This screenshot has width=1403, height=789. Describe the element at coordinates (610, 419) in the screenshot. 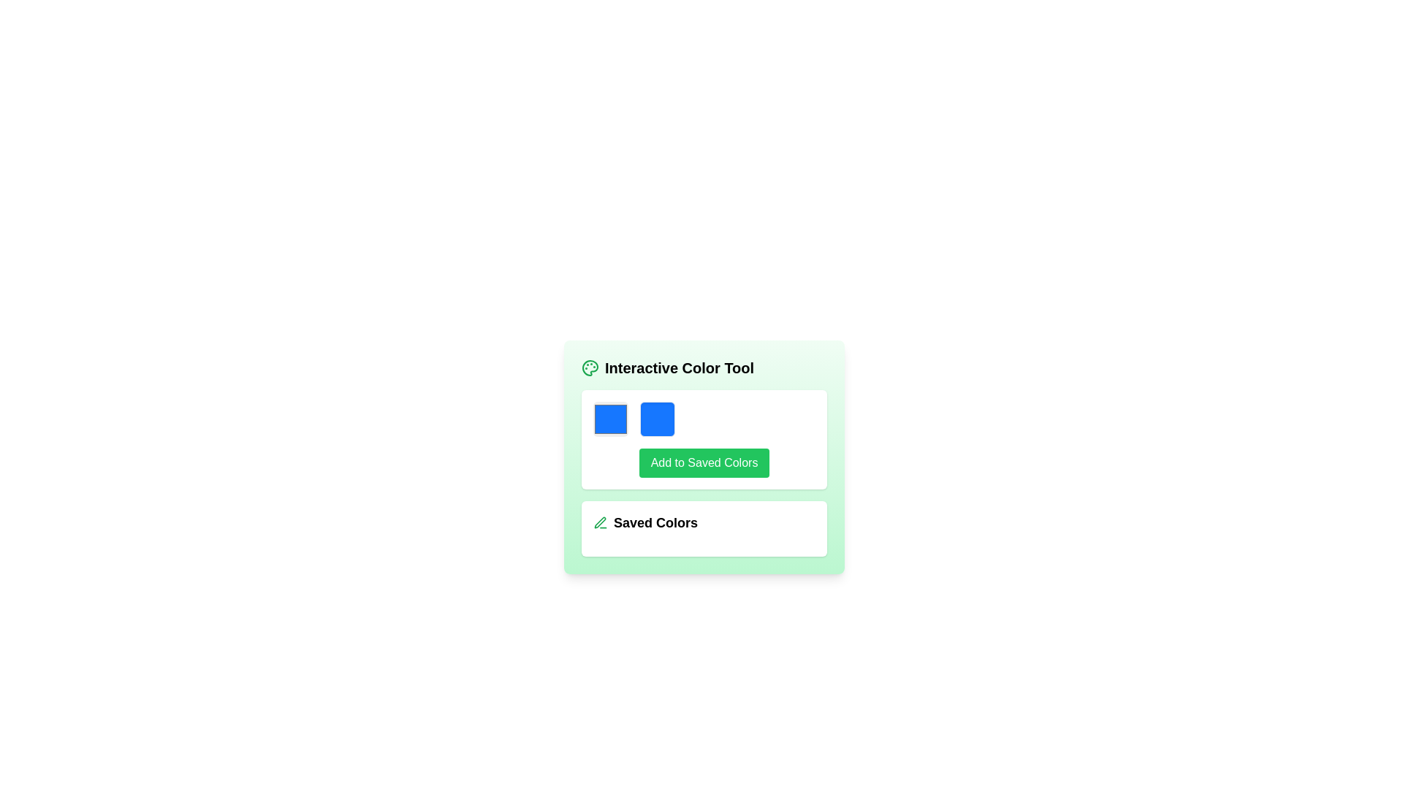

I see `the leftmost color swatch representing the color blue in the 'Interactive Color Tool' section` at that location.